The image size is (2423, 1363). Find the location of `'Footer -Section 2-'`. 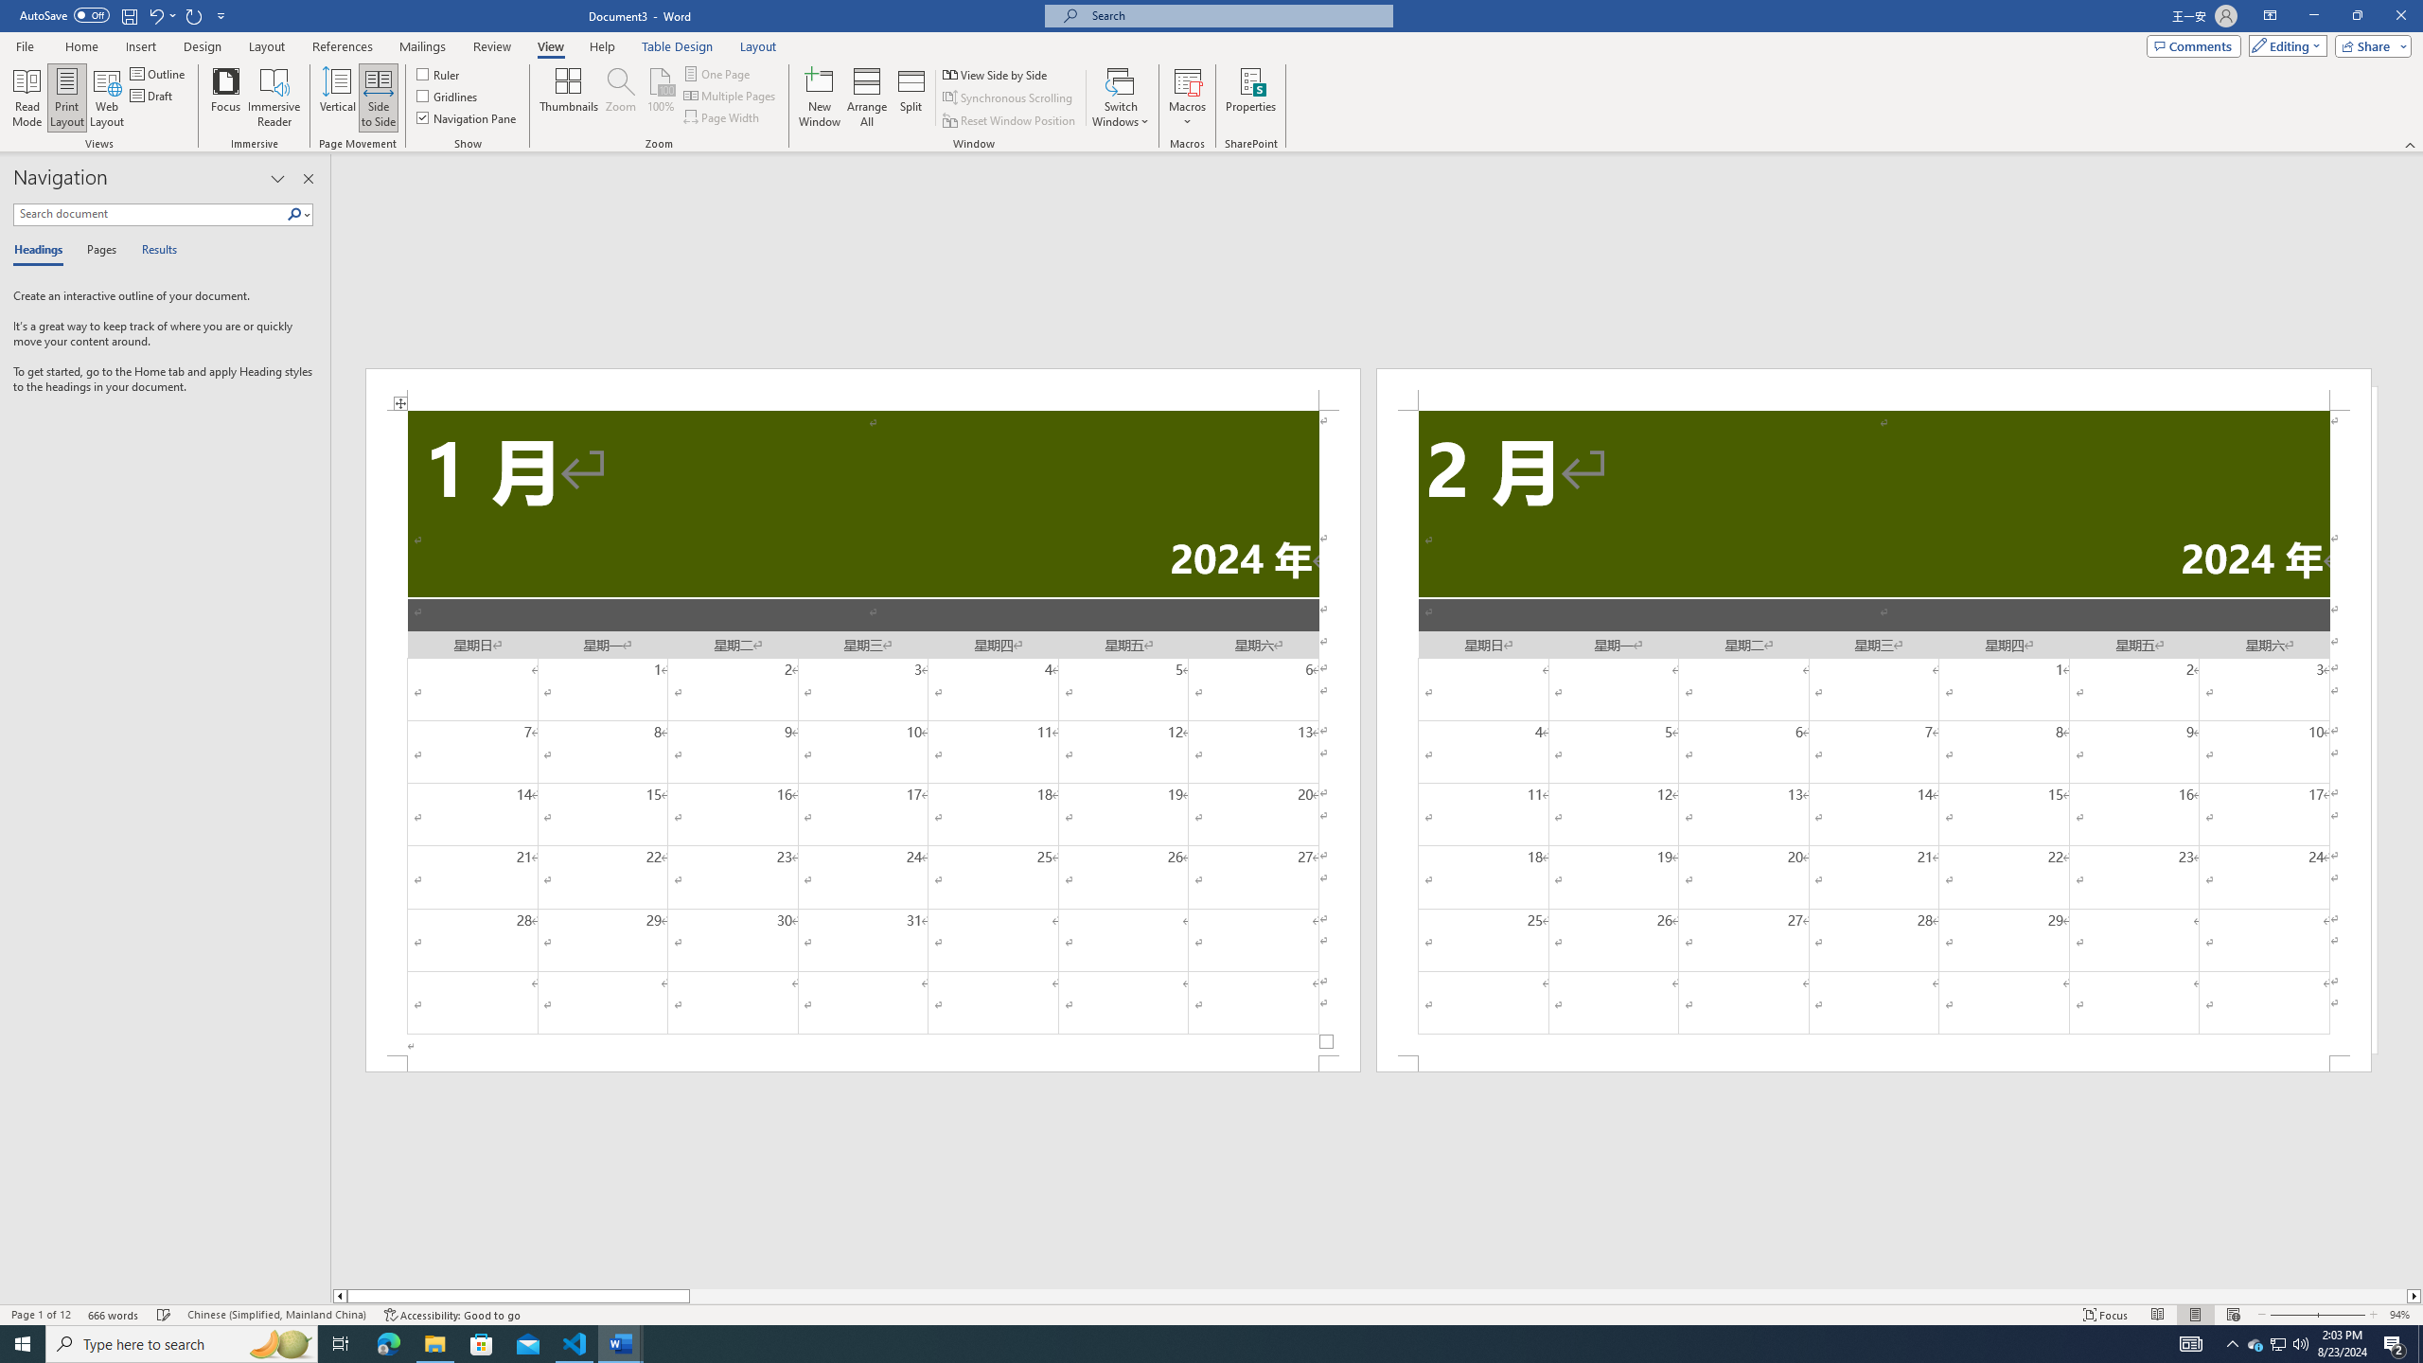

'Footer -Section 2-' is located at coordinates (1874, 1062).